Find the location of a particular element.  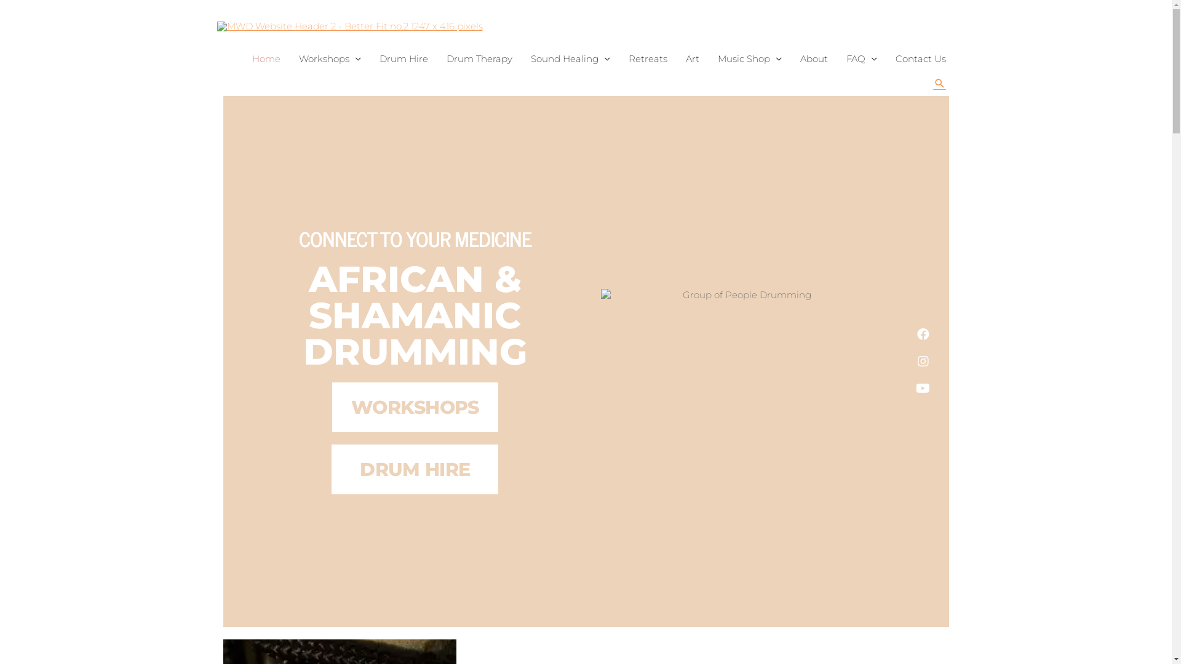

'Home' is located at coordinates (265, 59).